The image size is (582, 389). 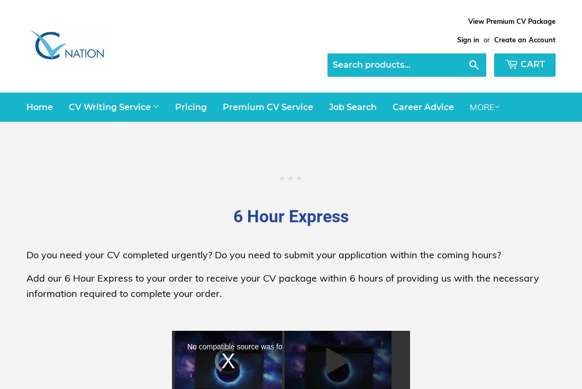 What do you see at coordinates (232, 216) in the screenshot?
I see `'6 Hour Express'` at bounding box center [232, 216].